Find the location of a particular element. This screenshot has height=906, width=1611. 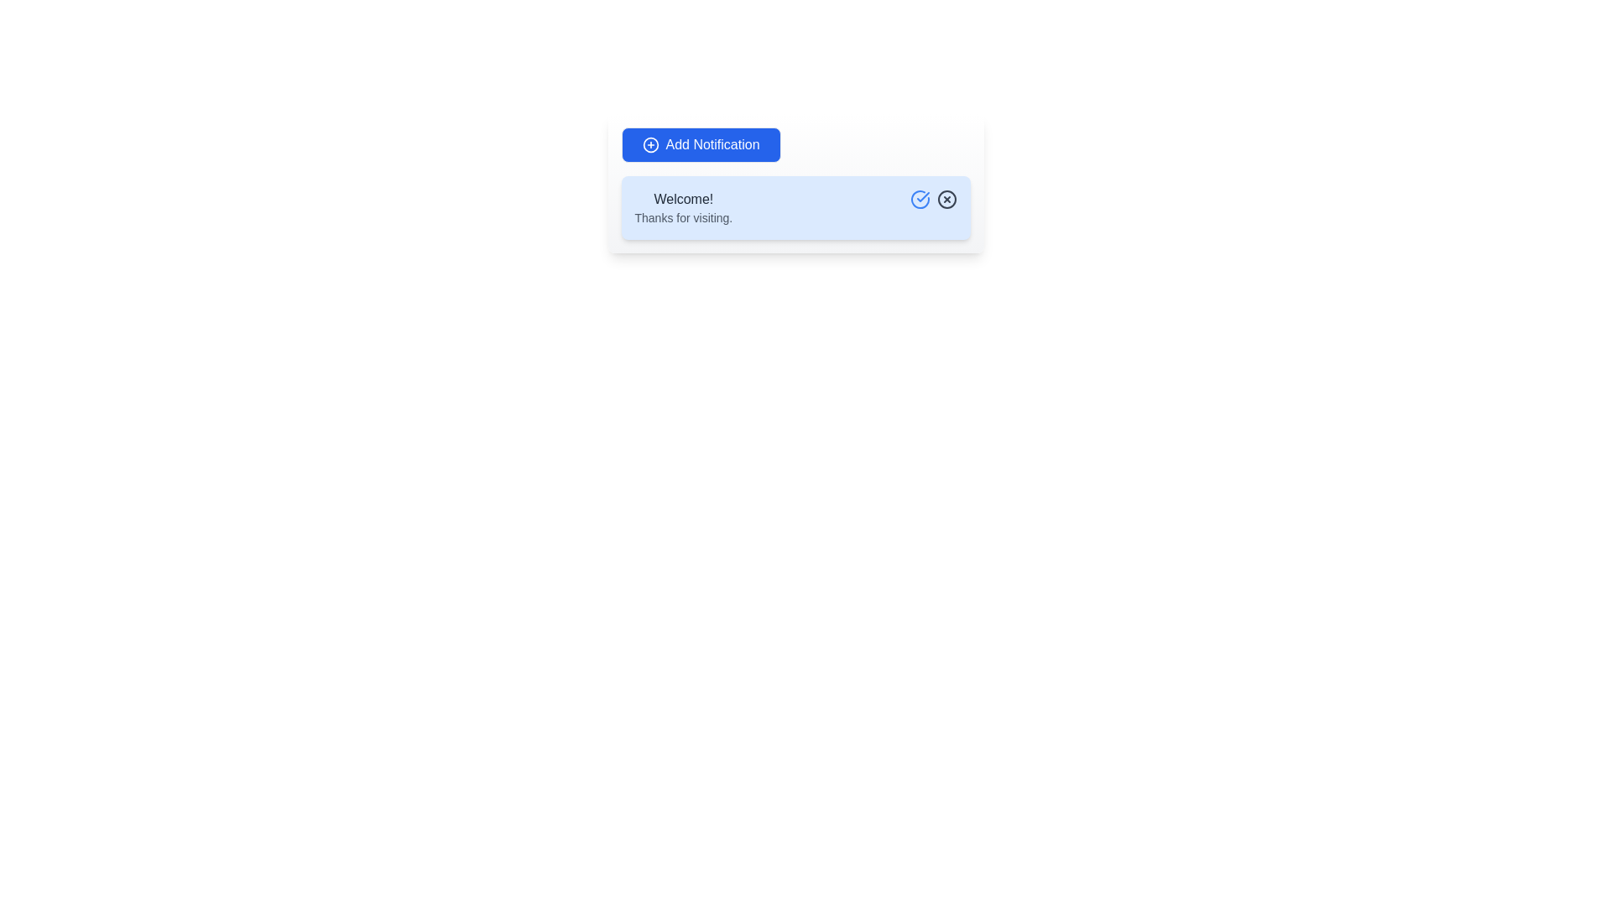

the Decorative SVG Circle element within the 'Add Notification' button, which is part of the 'circle plus' icon used for adding actions is located at coordinates (649, 144).